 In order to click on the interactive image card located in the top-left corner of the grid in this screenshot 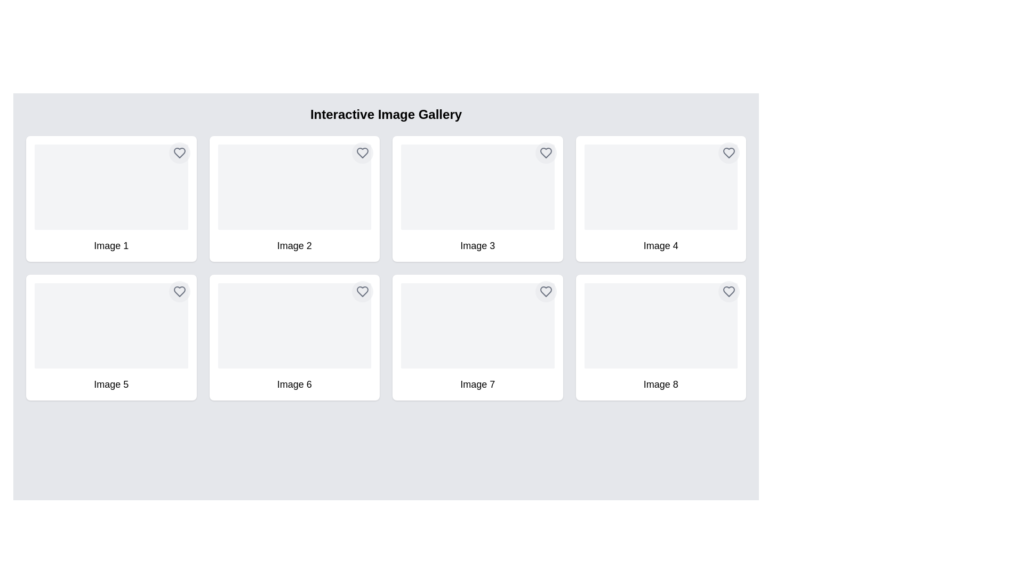, I will do `click(111, 199)`.